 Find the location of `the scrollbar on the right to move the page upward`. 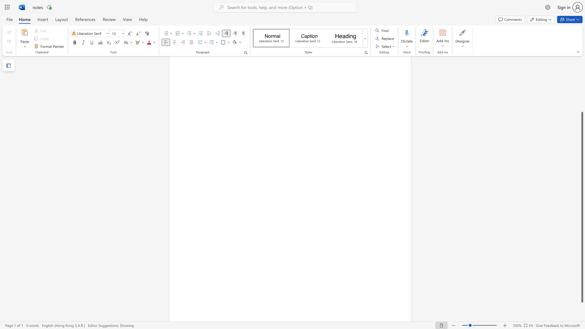

the scrollbar on the right to move the page upward is located at coordinates (582, 85).